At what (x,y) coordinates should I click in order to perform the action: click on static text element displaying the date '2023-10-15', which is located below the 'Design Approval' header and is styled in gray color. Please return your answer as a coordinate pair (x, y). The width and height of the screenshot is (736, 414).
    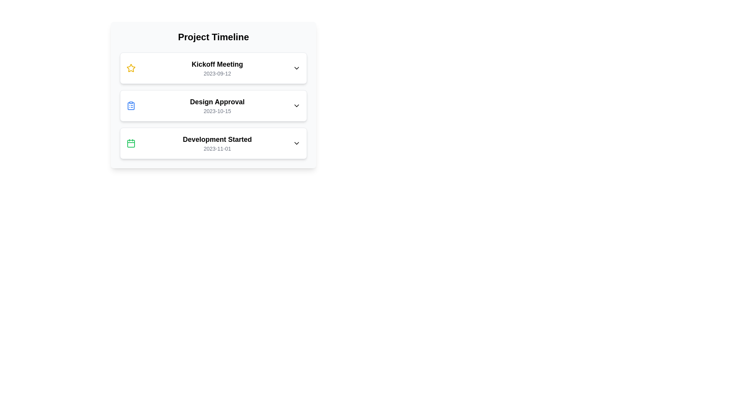
    Looking at the image, I should click on (217, 111).